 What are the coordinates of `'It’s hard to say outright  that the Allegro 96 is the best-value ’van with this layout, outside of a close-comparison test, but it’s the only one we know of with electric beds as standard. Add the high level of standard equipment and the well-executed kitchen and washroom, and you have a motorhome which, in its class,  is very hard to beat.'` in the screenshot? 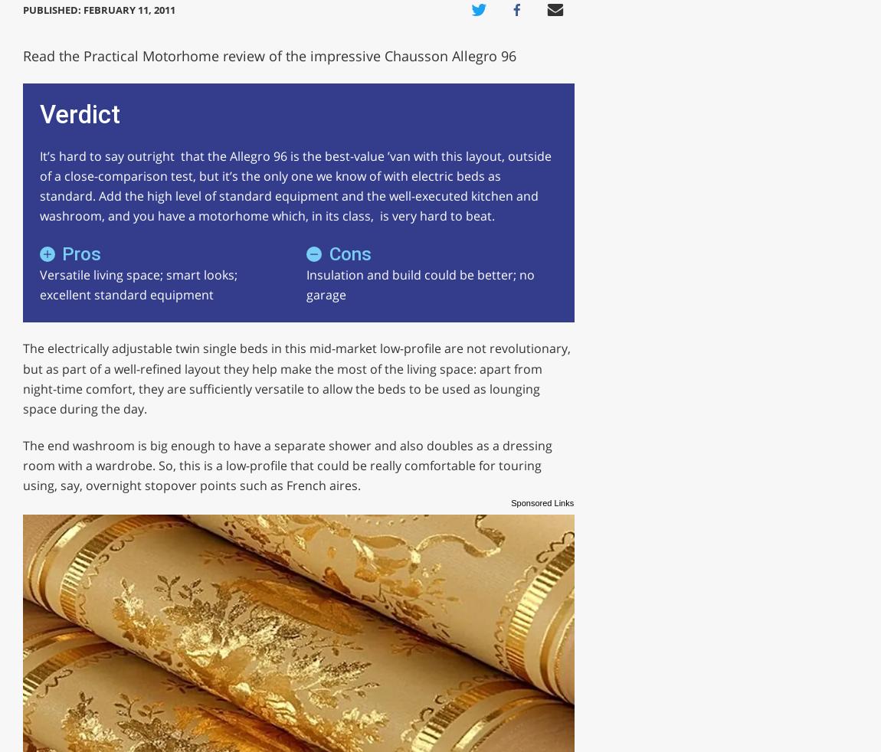 It's located at (38, 185).